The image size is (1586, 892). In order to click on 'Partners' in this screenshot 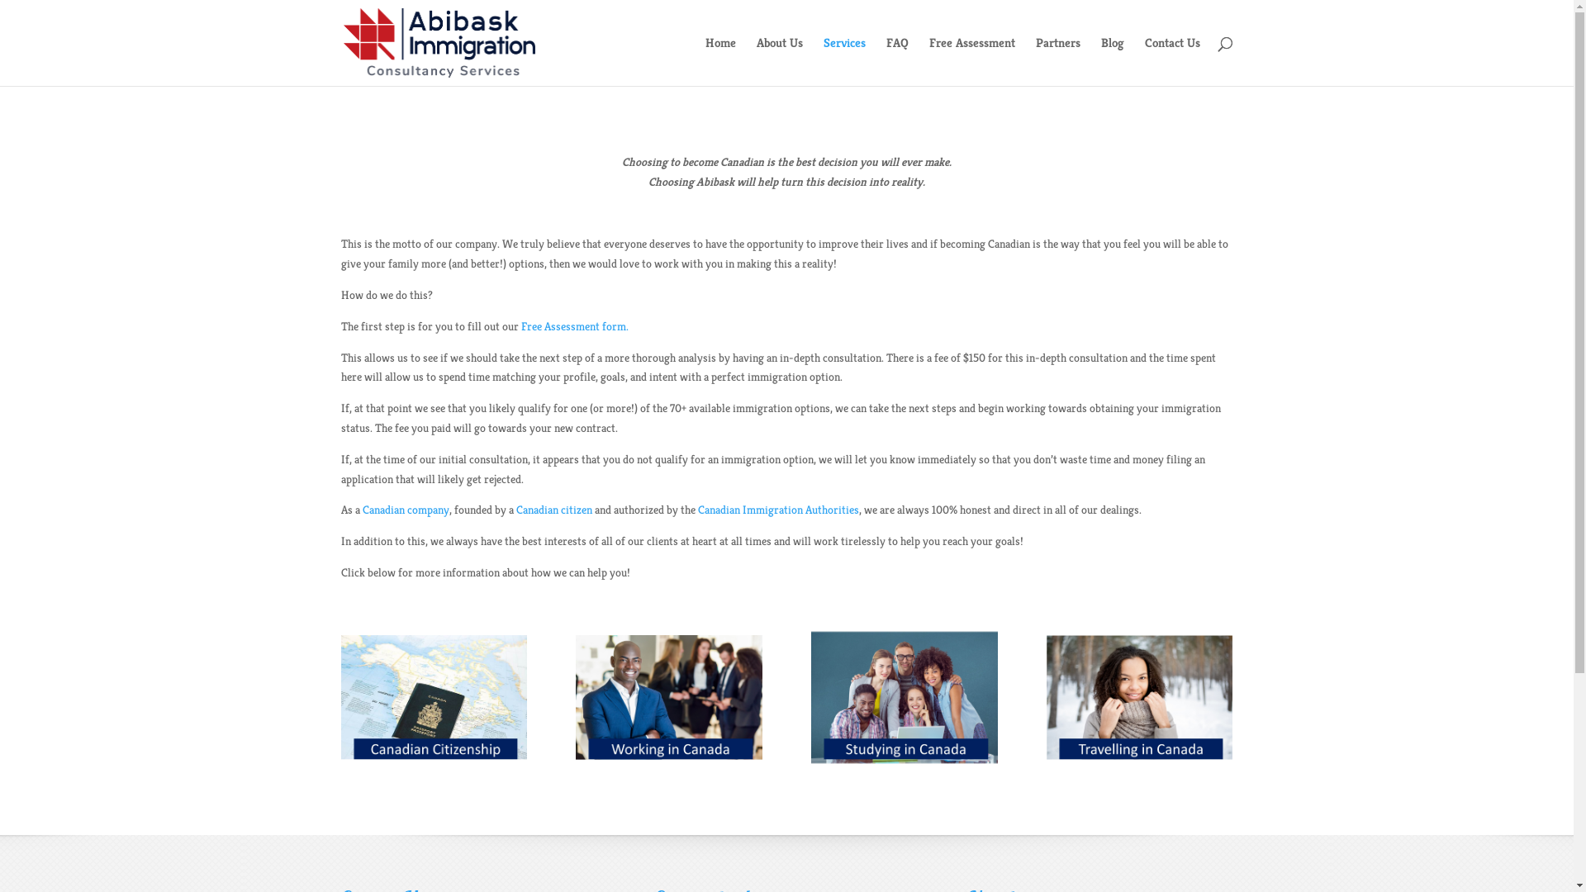, I will do `click(1058, 60)`.